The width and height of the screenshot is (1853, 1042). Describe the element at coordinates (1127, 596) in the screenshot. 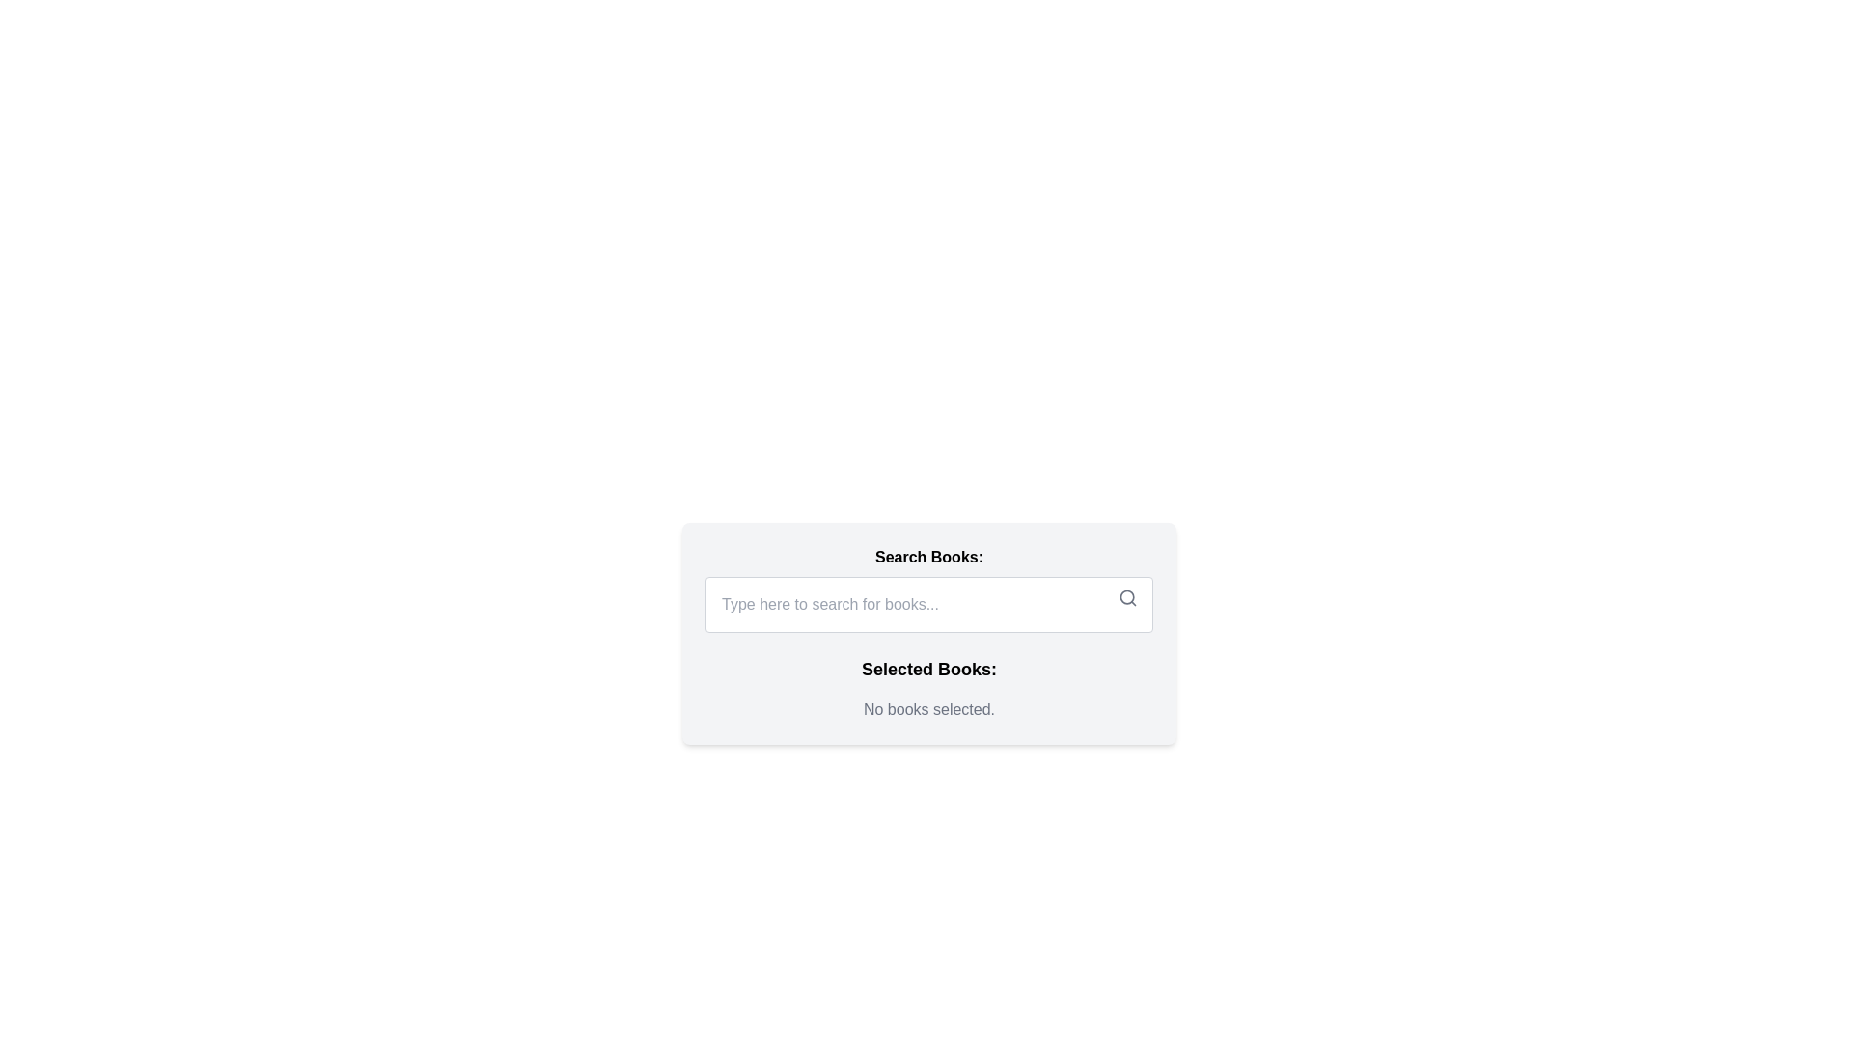

I see `the circle representing the lens of the magnifying glass in the search icon at the right end of the 'Search Books' input field` at that location.